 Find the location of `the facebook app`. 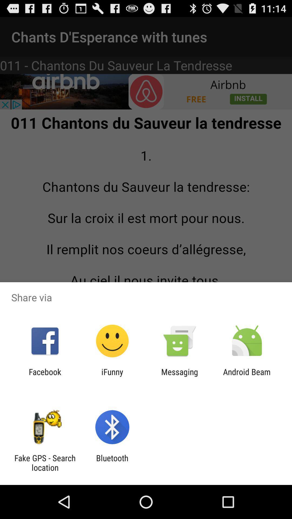

the facebook app is located at coordinates (45, 376).